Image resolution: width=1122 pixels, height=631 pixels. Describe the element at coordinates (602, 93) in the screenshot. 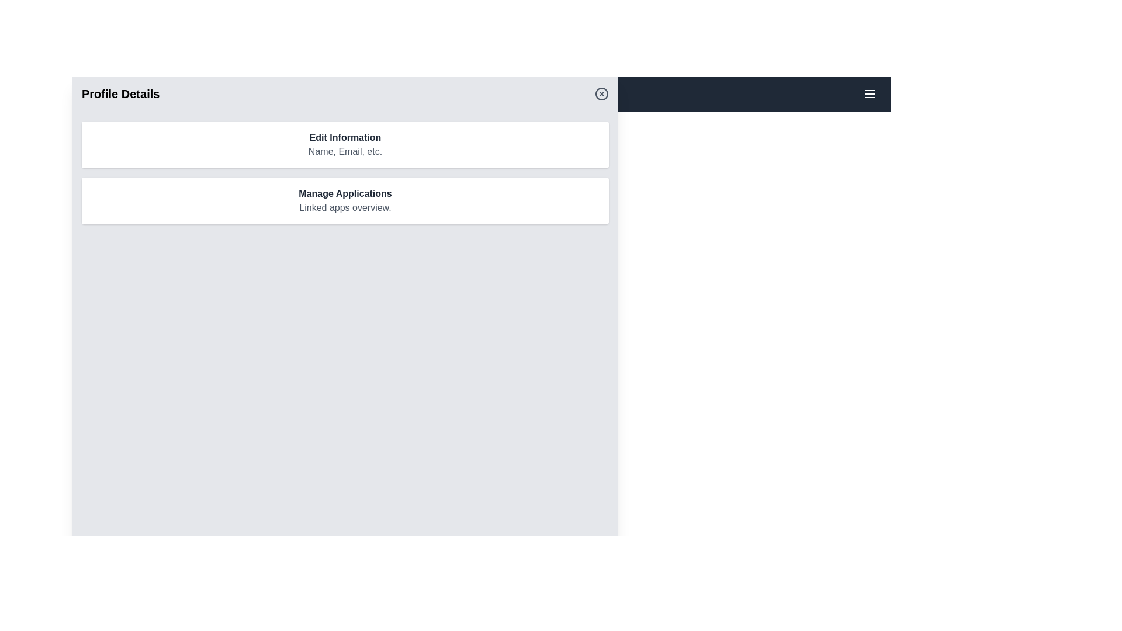

I see `the close button for the 'Profile Details' section` at that location.